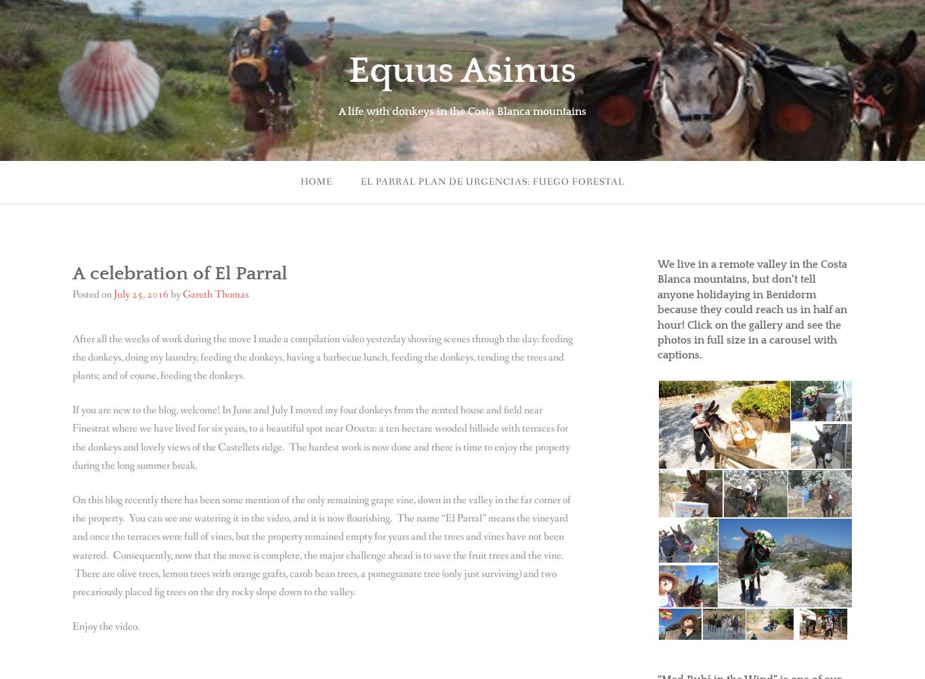 The image size is (925, 679). I want to click on 'After all the weeks of work during the move I made a compilation video yesterday showing scenes through the day: feeding the donkeys, doing my laundry, feeding the donkeys, having a barbecue lunch, feeding the donkeys, tending the trees and plants; and of course, feeding the donkeys.', so click(322, 357).